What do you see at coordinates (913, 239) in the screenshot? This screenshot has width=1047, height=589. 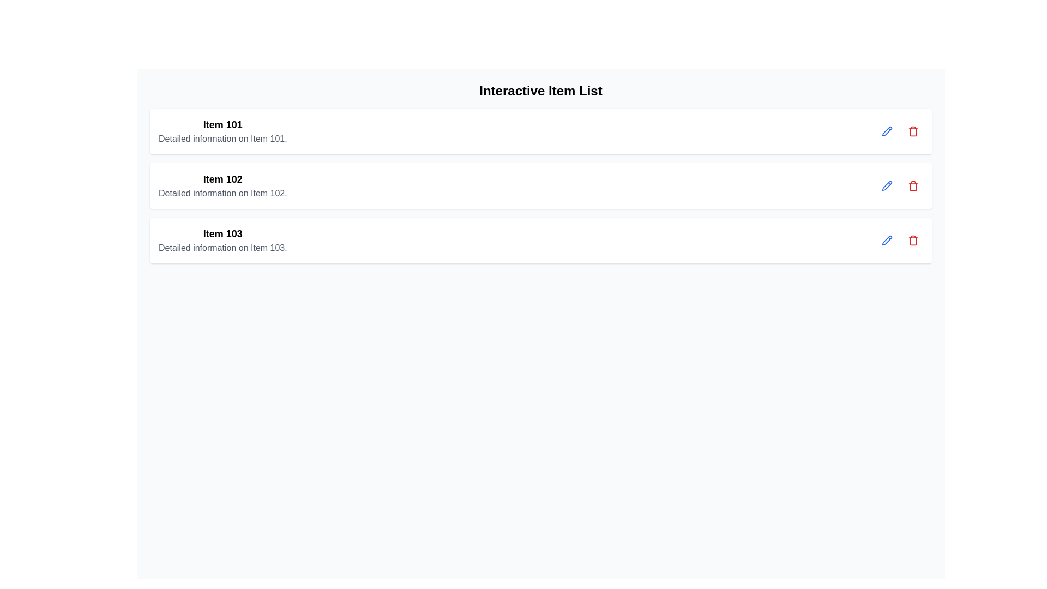 I see `the red trash can icon button` at bounding box center [913, 239].